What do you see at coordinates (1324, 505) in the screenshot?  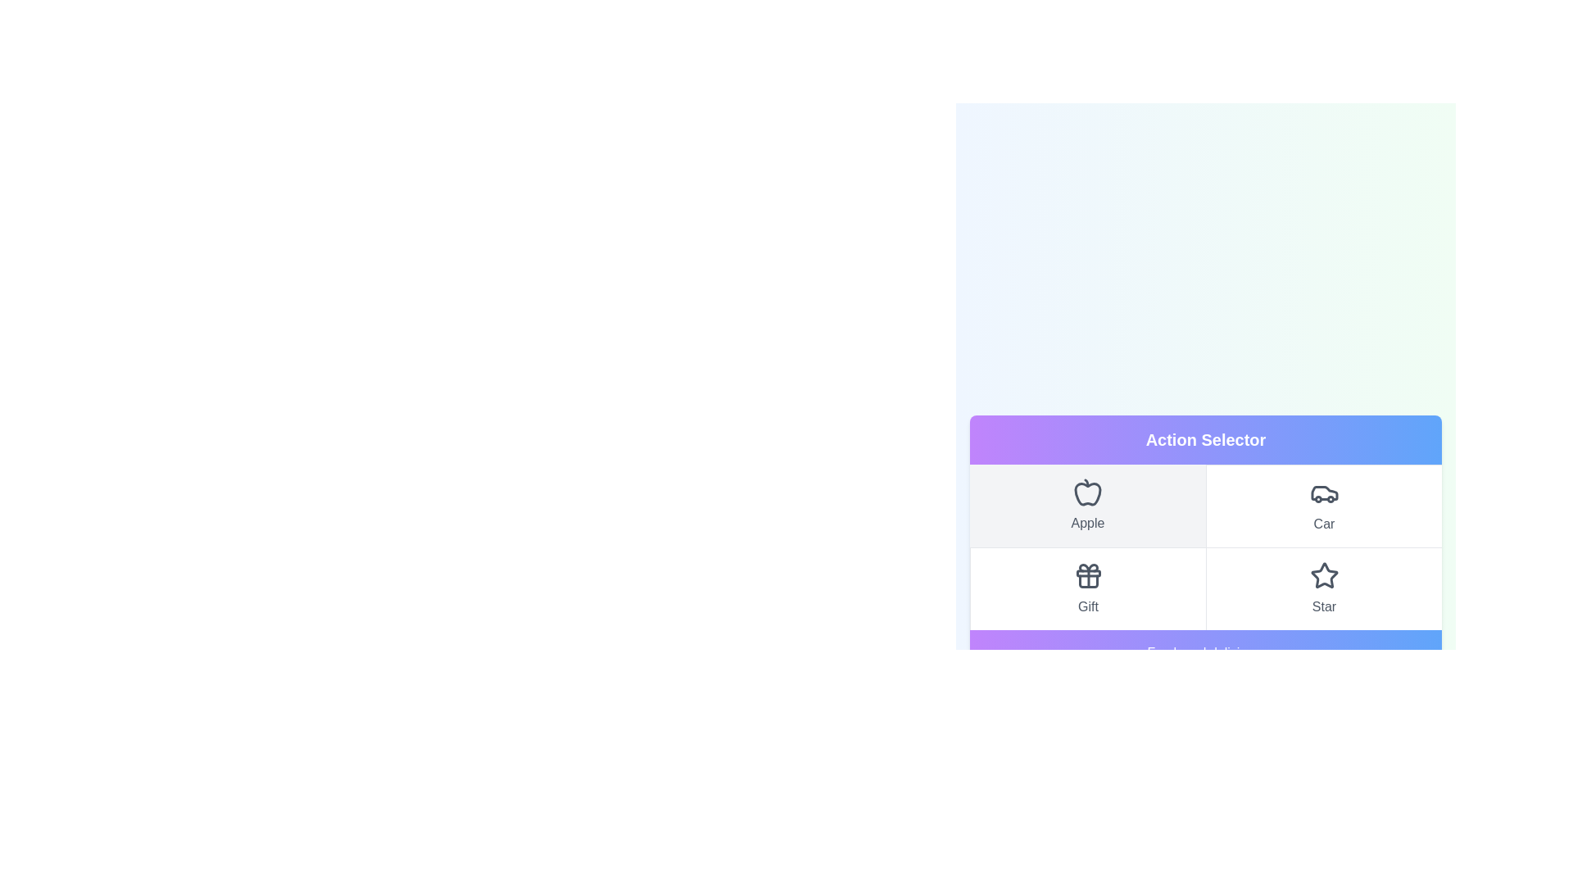 I see `the interactive card labeled 'Car' in the Action Selector section, located in the second column of the first row of the grid` at bounding box center [1324, 505].